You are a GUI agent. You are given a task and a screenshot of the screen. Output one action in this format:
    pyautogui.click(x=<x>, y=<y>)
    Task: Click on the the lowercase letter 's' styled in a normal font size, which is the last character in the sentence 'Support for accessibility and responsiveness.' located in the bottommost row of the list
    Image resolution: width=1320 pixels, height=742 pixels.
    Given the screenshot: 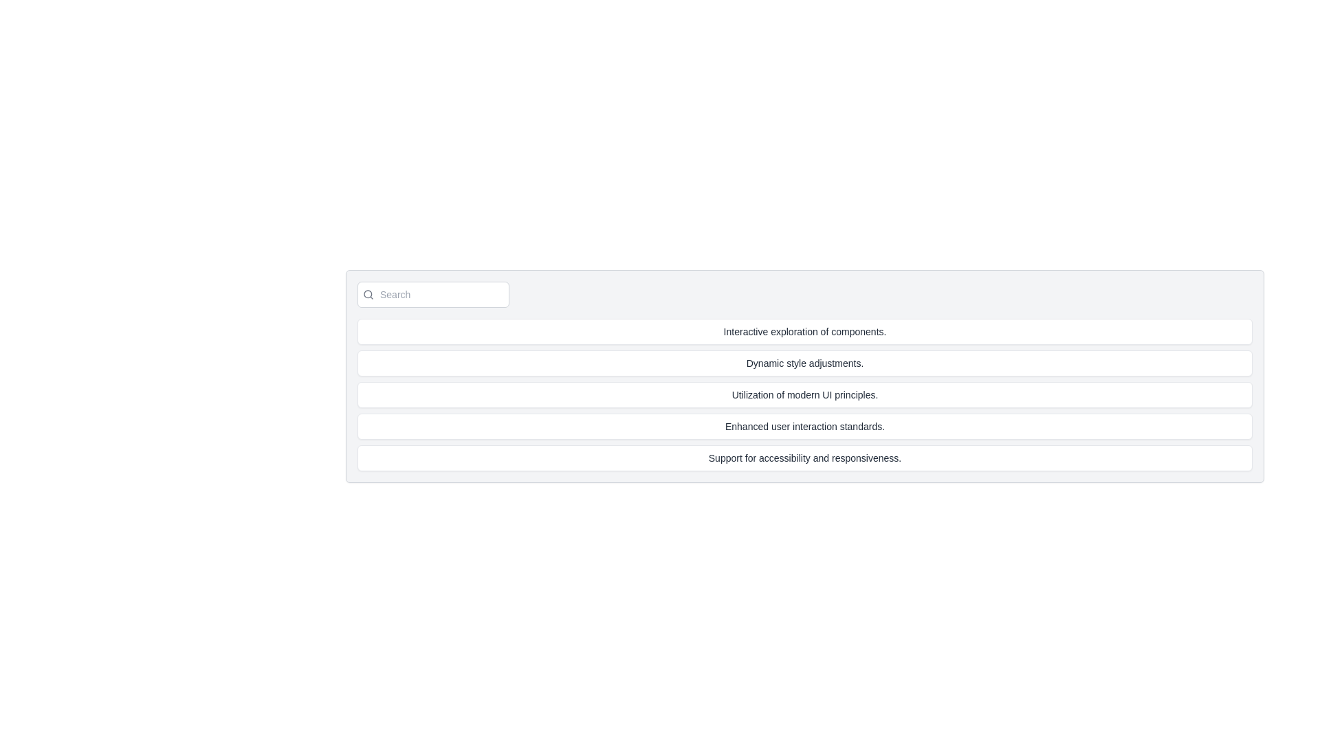 What is the action you would take?
    pyautogui.click(x=841, y=458)
    